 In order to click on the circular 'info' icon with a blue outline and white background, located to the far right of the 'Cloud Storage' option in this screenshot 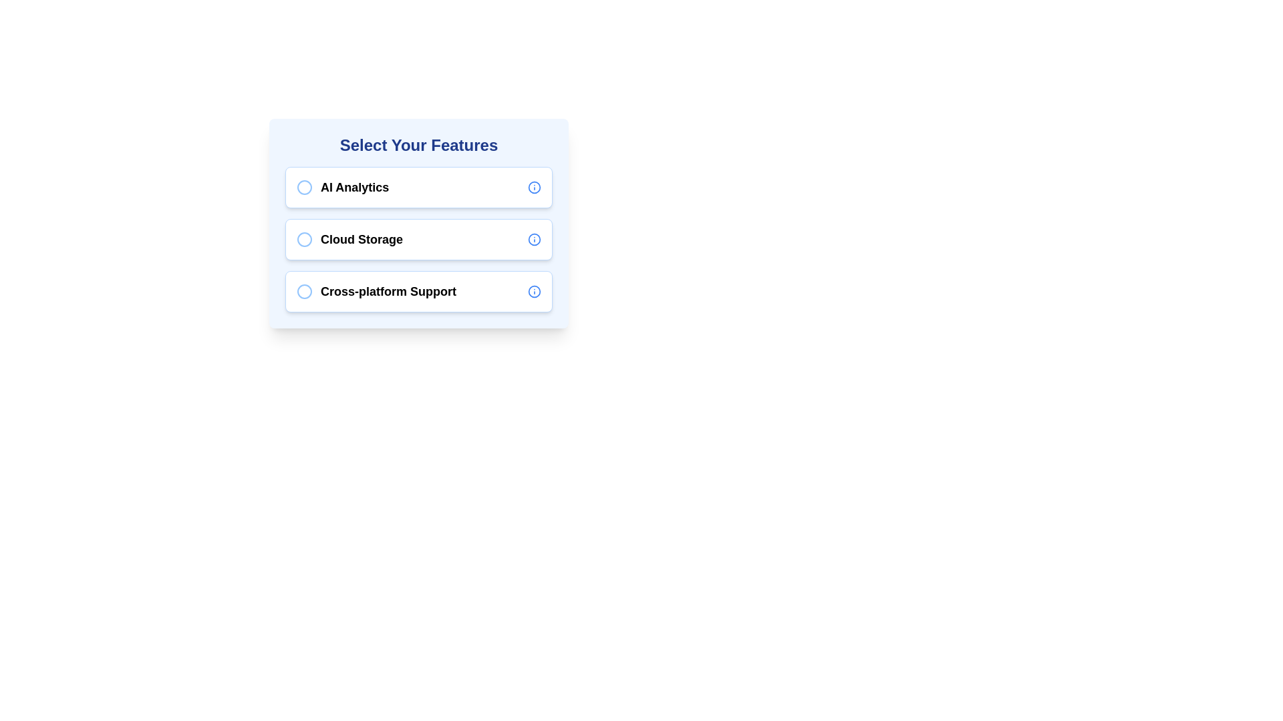, I will do `click(535, 238)`.